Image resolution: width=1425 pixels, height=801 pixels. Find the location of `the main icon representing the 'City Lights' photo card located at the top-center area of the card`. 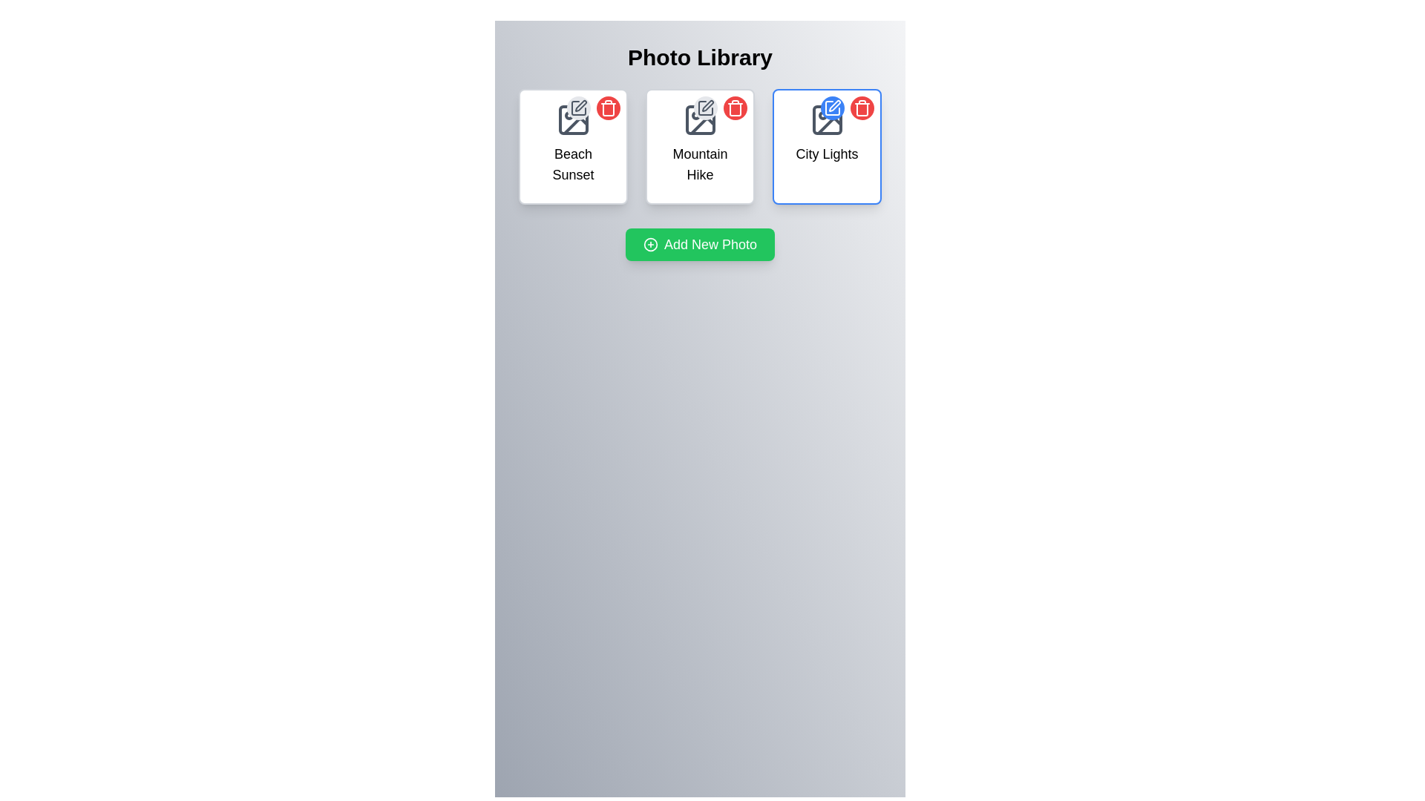

the main icon representing the 'City Lights' photo card located at the top-center area of the card is located at coordinates (826, 119).